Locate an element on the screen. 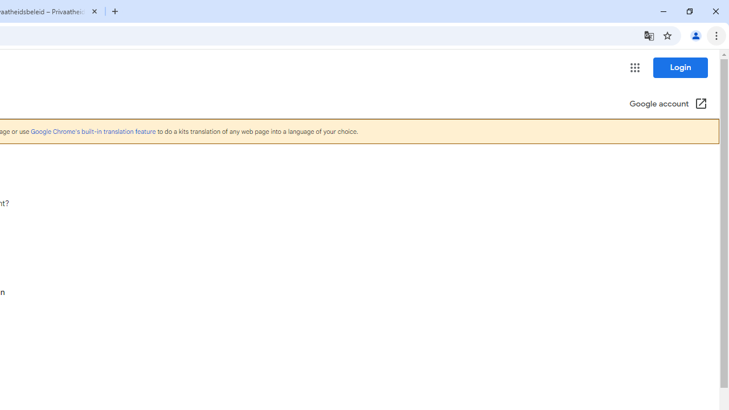 The width and height of the screenshot is (729, 410). 'Translate this page' is located at coordinates (649, 35).